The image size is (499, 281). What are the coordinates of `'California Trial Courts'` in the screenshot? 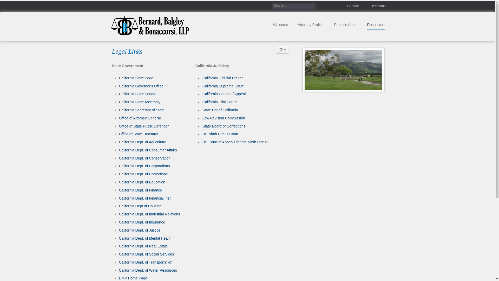 It's located at (202, 102).